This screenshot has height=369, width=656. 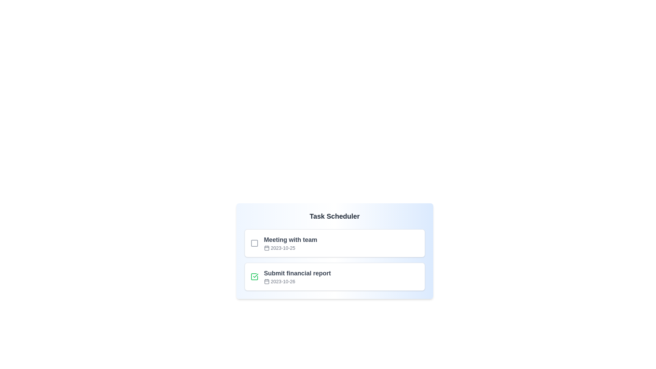 I want to click on text content of the title or header in the first card of a vertically stacked list, located at the specified coordinates, so click(x=290, y=240).